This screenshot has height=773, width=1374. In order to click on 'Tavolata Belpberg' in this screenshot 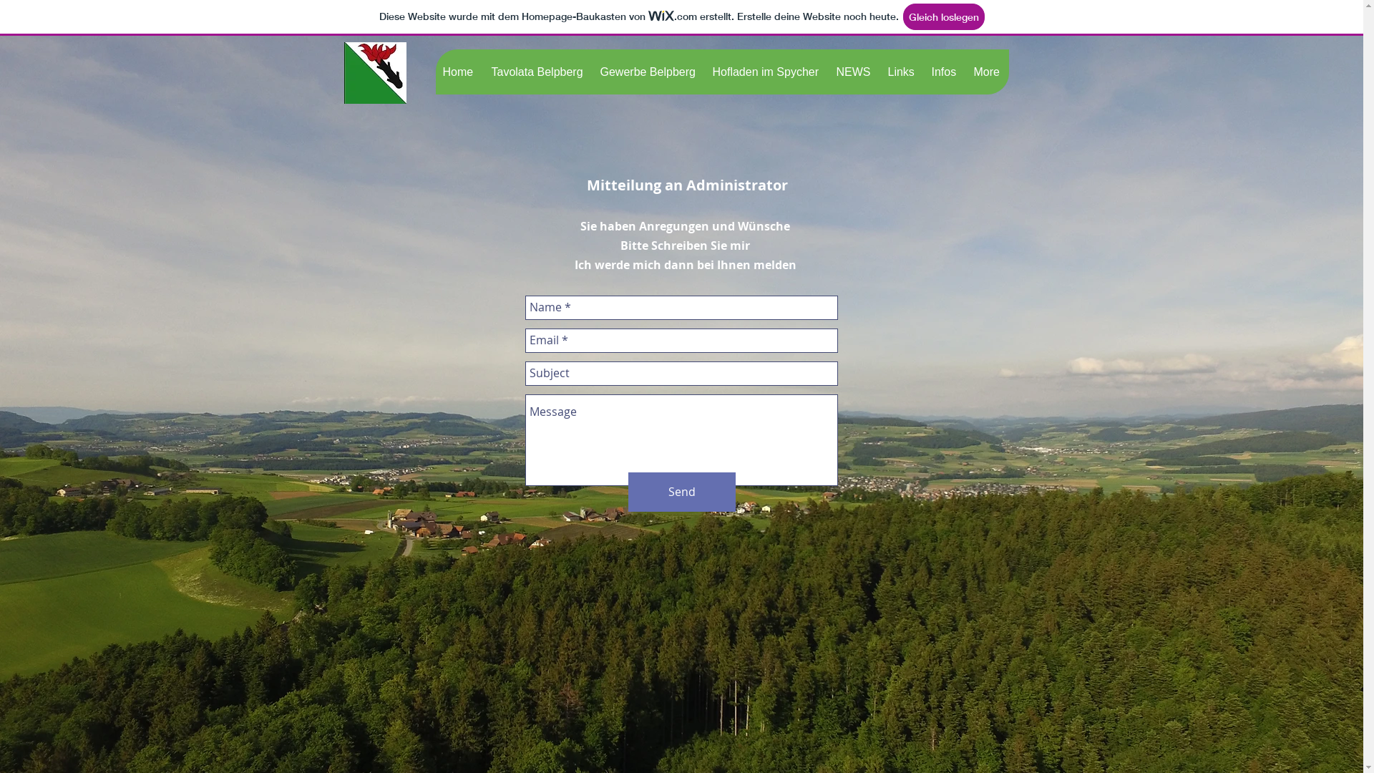, I will do `click(537, 72)`.